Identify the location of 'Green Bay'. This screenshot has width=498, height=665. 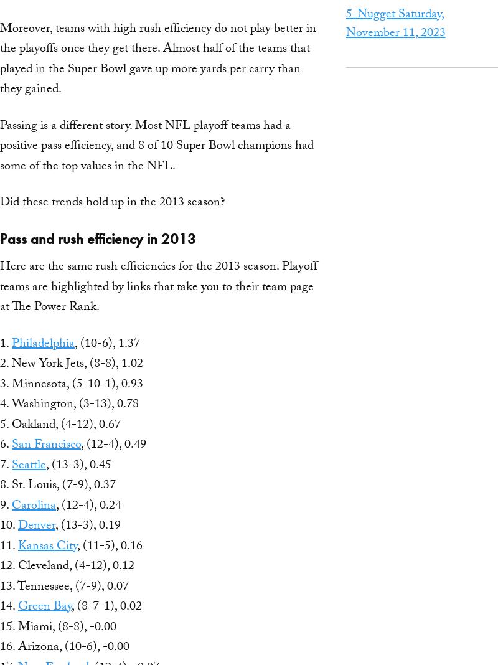
(45, 608).